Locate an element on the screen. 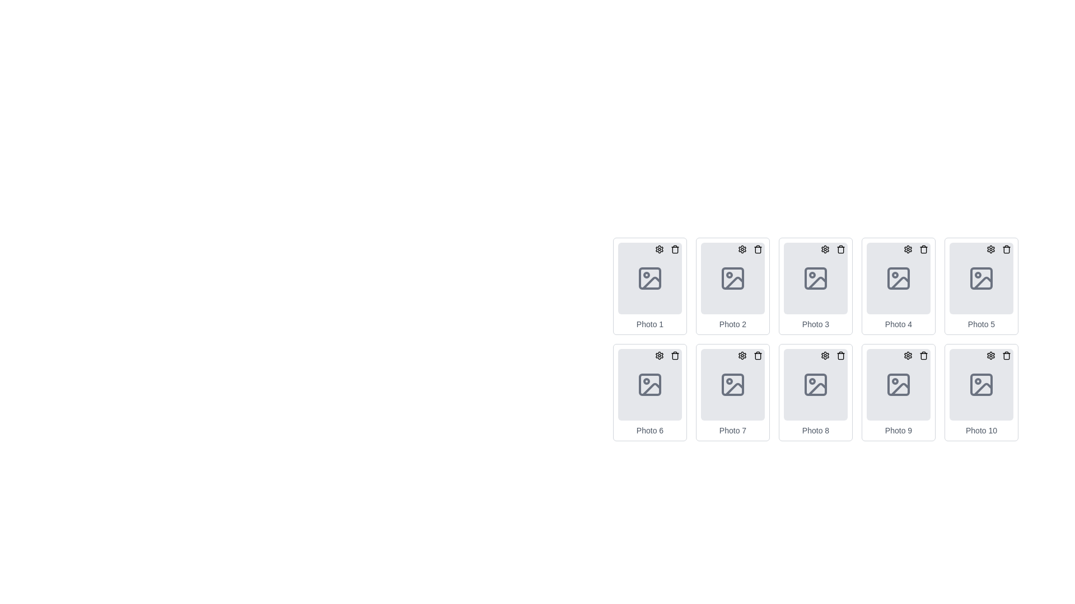 This screenshot has width=1075, height=604. text label that displays 'Photo 8', which is styled in a small format and located beneath an image placeholder in a grid layout is located at coordinates (816, 430).